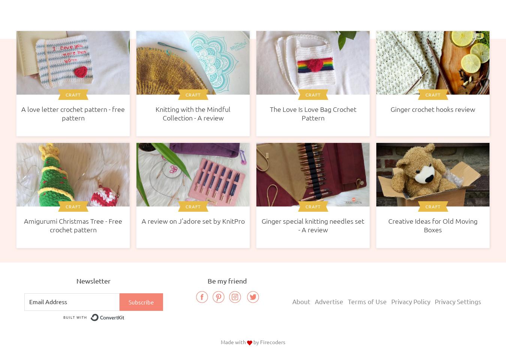 The image size is (506, 355). Describe the element at coordinates (234, 341) in the screenshot. I see `'Made with'` at that location.